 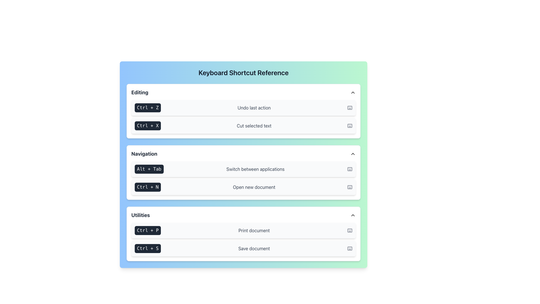 I want to click on the first informational list item under the 'Navigation' category of the keyboard shortcuts list, which includes the text 'Alt + Tab' and 'Switch between applications', so click(x=243, y=169).